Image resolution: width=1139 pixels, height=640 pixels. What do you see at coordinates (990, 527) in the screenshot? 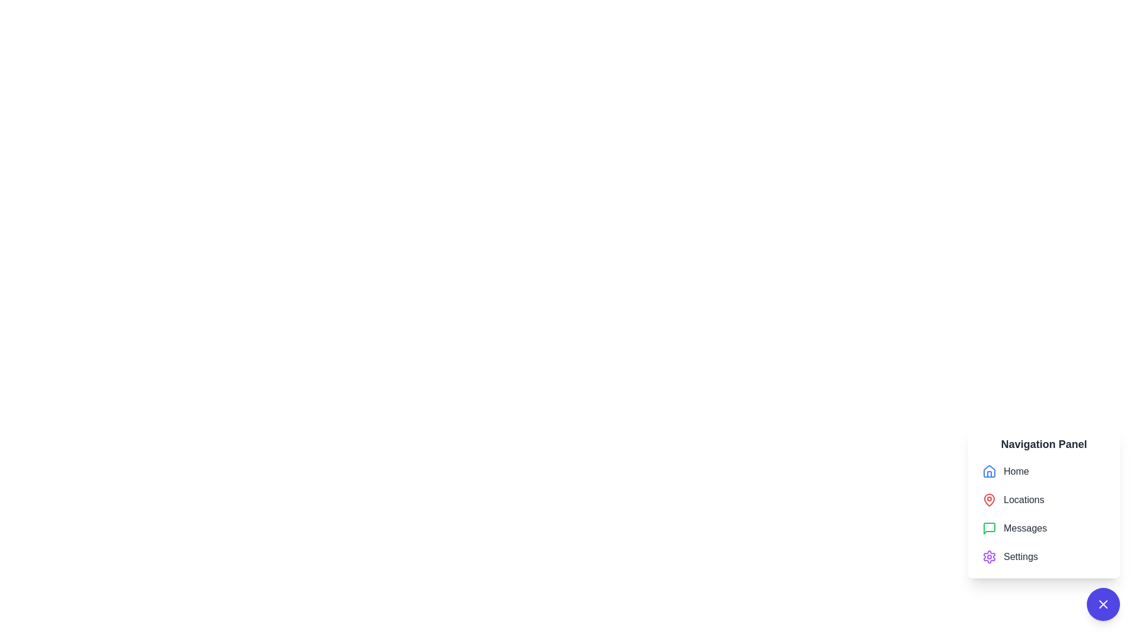
I see `the green outlined speech balloon icon located to the left of the 'Messages' label in the navigation menu` at bounding box center [990, 527].